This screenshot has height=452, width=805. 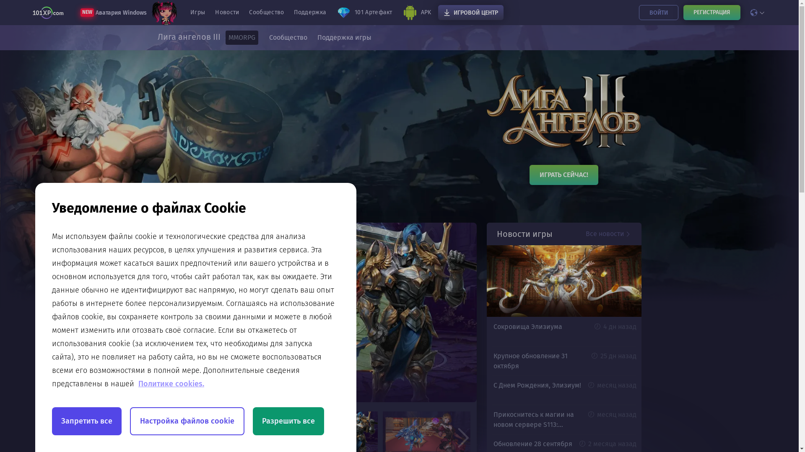 What do you see at coordinates (417, 13) in the screenshot?
I see `'APK'` at bounding box center [417, 13].